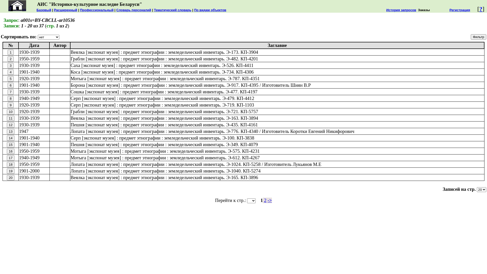 The height and width of the screenshot is (274, 487). Describe the element at coordinates (11, 131) in the screenshot. I see `'13'` at that location.